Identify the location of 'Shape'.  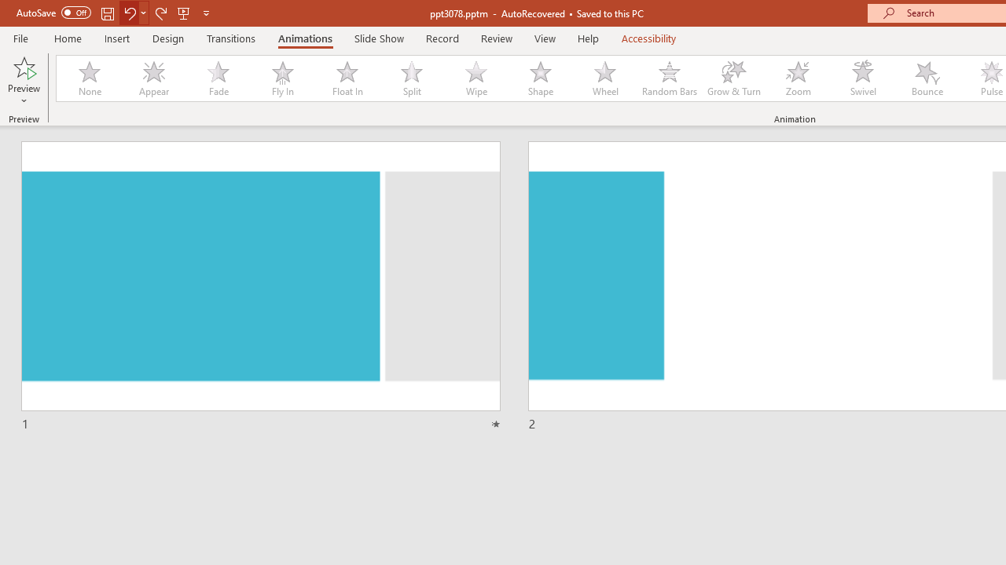
(541, 78).